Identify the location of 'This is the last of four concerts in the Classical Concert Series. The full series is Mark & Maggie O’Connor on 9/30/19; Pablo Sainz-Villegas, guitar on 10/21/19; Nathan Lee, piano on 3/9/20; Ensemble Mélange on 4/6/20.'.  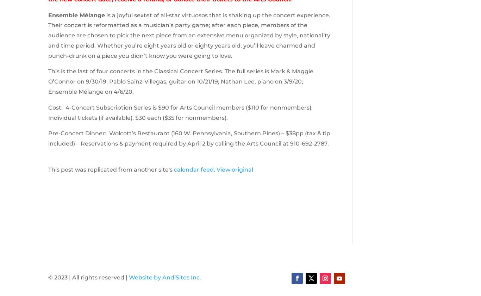
(180, 81).